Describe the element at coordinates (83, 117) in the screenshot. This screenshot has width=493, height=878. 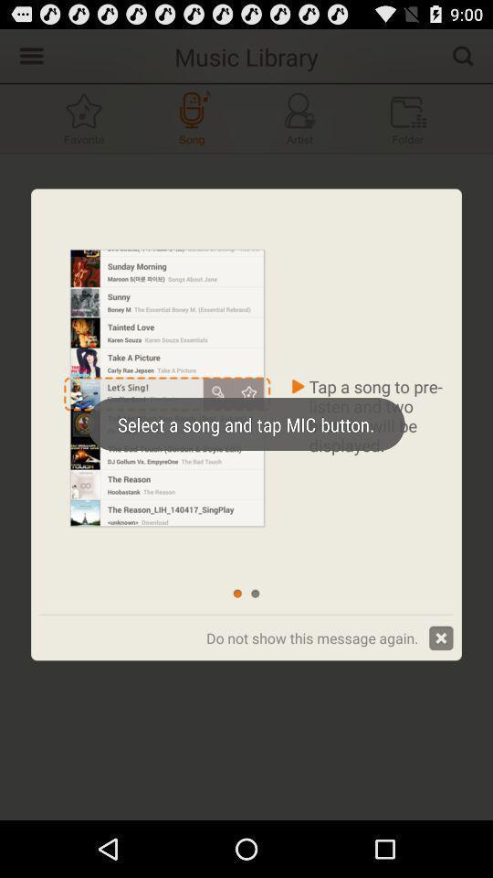
I see `symbol` at that location.